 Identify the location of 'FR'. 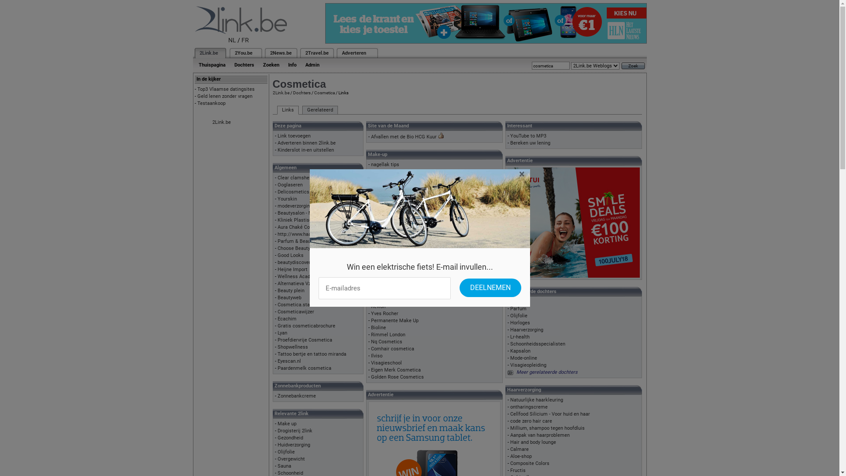
(245, 40).